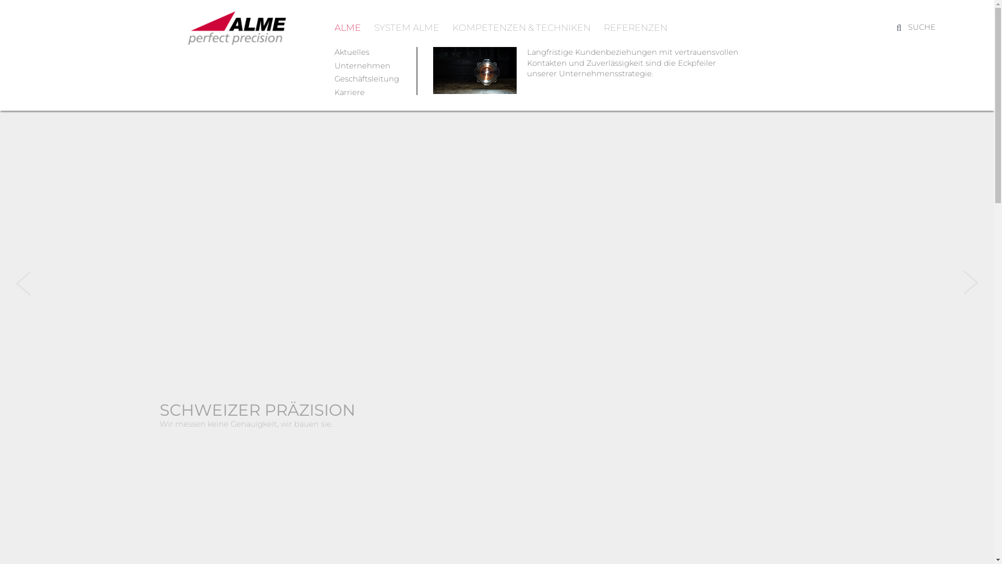 This screenshot has width=1002, height=564. I want to click on 'ALME', so click(347, 27).